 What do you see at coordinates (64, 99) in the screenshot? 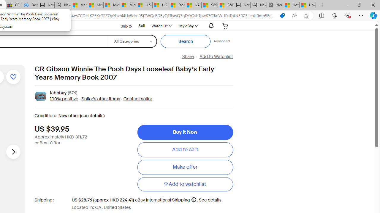
I see `'100% positive'` at bounding box center [64, 99].